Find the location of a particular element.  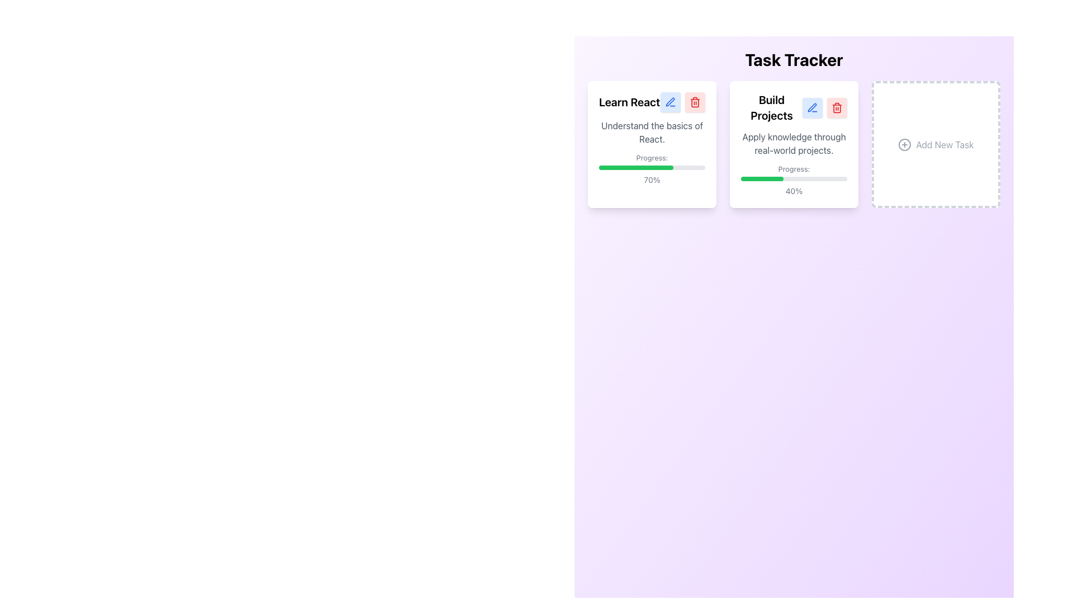

the Card Component that displays an activity or task summary, positioned centrally in a grid layout as the second card between 'Learn React' and 'Add New Task' is located at coordinates (793, 144).